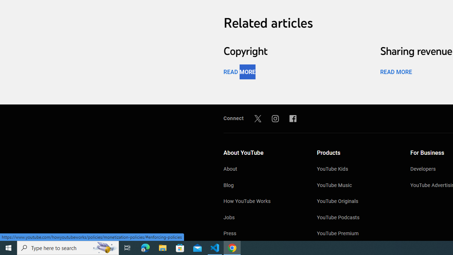 The image size is (453, 255). I want to click on 'Instagram', so click(275, 118).